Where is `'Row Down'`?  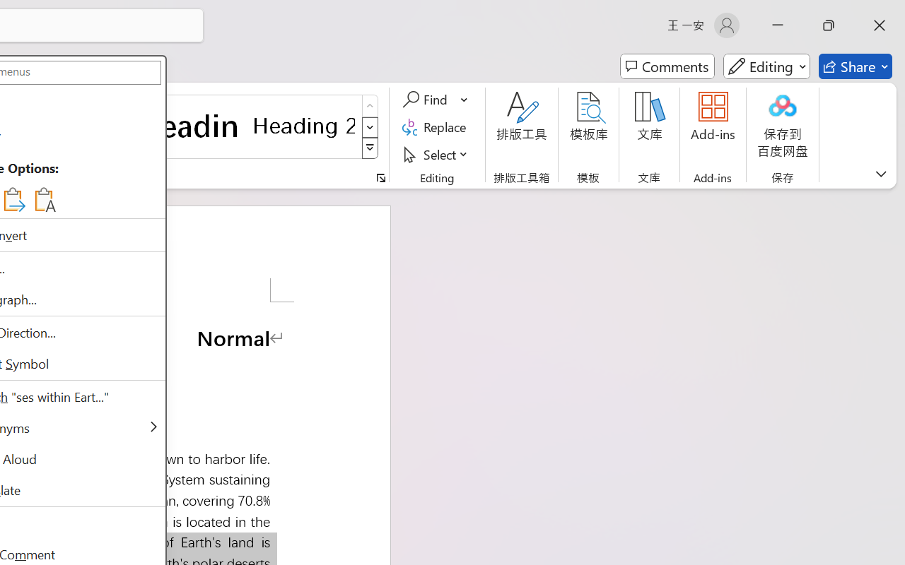 'Row Down' is located at coordinates (370, 126).